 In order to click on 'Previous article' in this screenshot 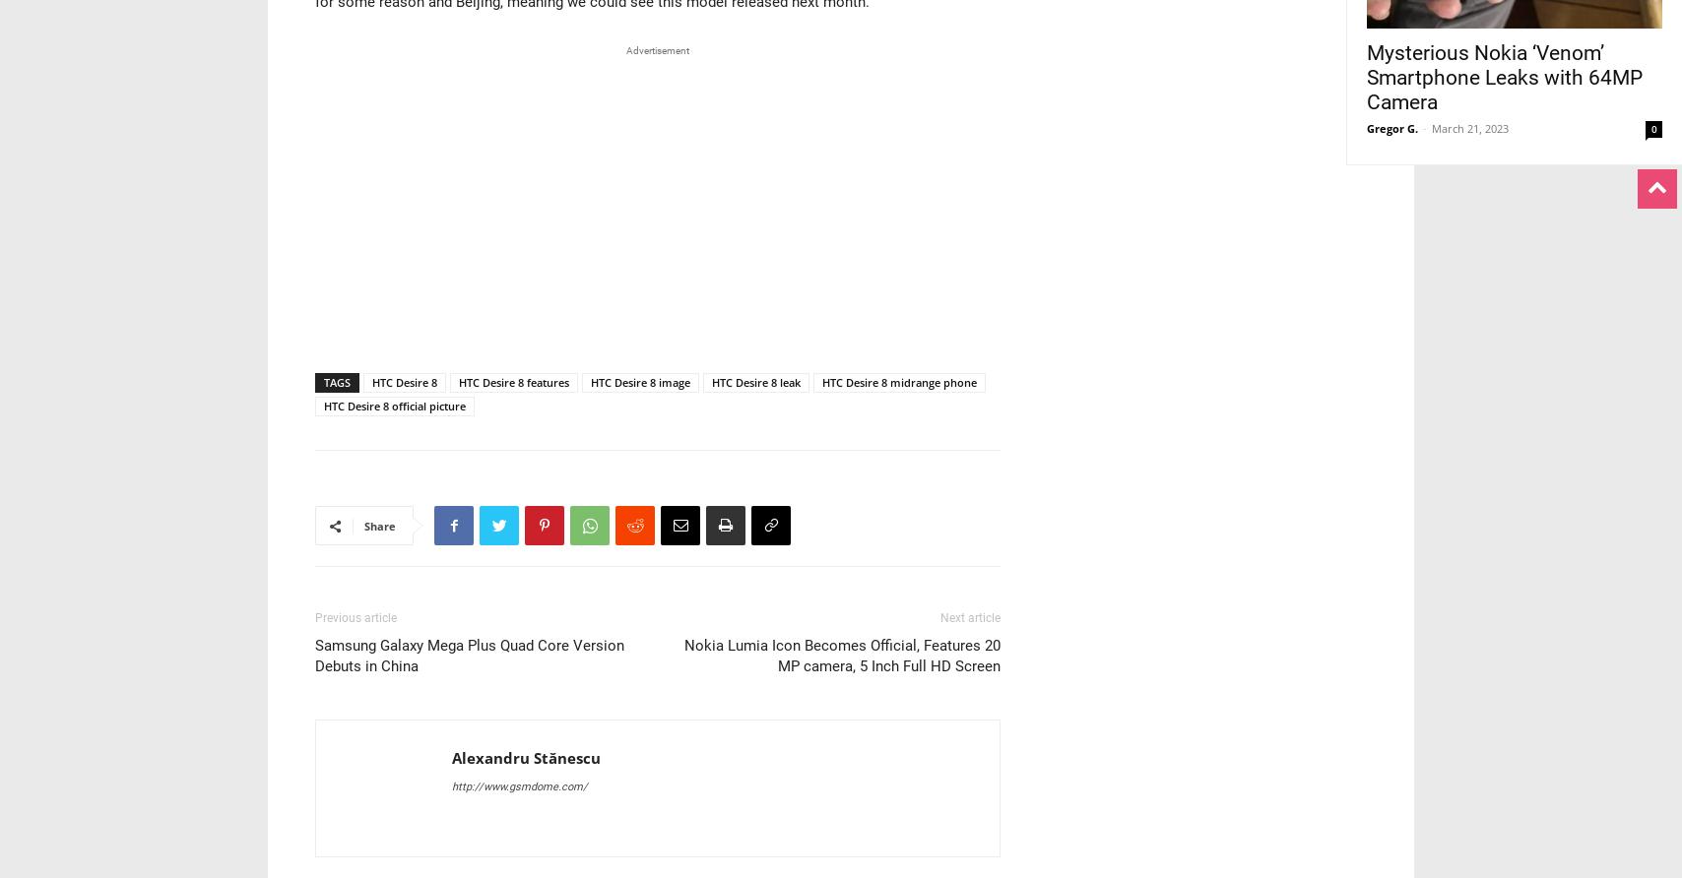, I will do `click(356, 616)`.